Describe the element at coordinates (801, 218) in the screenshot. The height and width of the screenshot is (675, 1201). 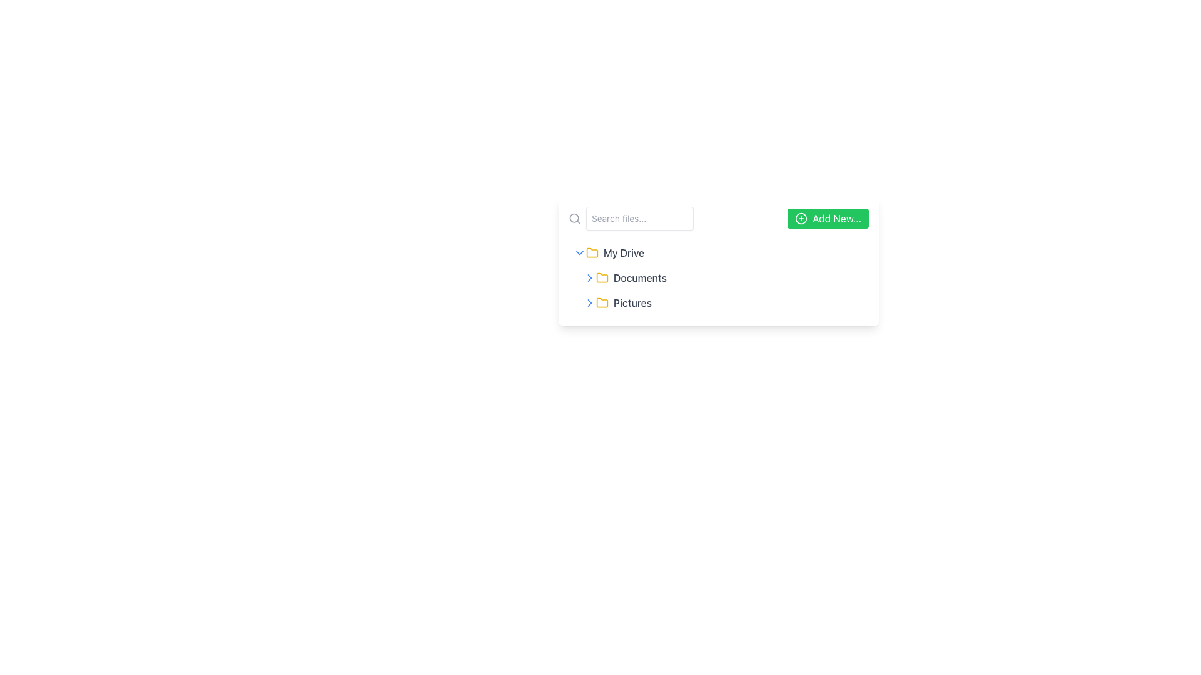
I see `the circular '+' icon with a green border located to the left of the text 'Add New...' to initiate an addition action` at that location.